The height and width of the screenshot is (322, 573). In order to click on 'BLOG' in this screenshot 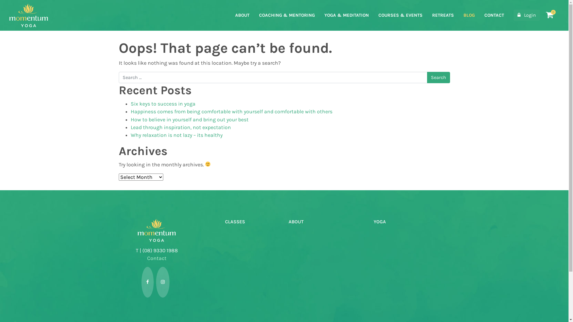, I will do `click(469, 15)`.